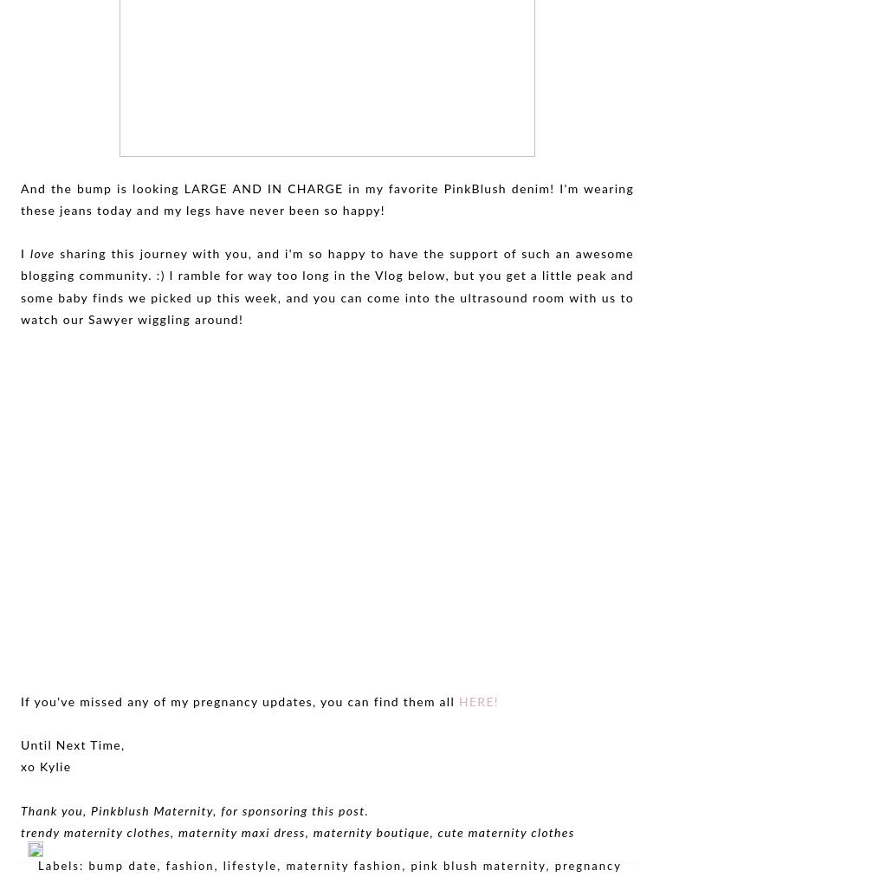 This screenshot has height=890, width=873. Describe the element at coordinates (477, 866) in the screenshot. I see `'pink blush maternity'` at that location.